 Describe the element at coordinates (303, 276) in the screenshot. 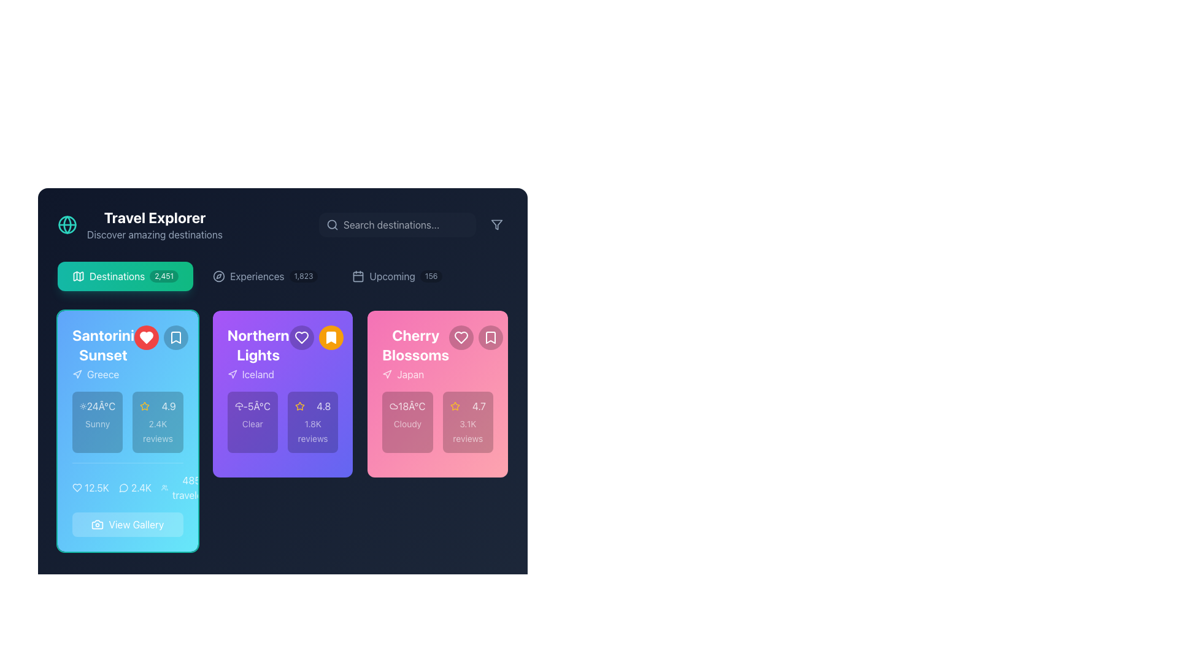

I see `the numeric badge displaying '1,823' located in the 'Experiences' section of the navigation area, positioned to the right of the text label 'Experiences'` at that location.